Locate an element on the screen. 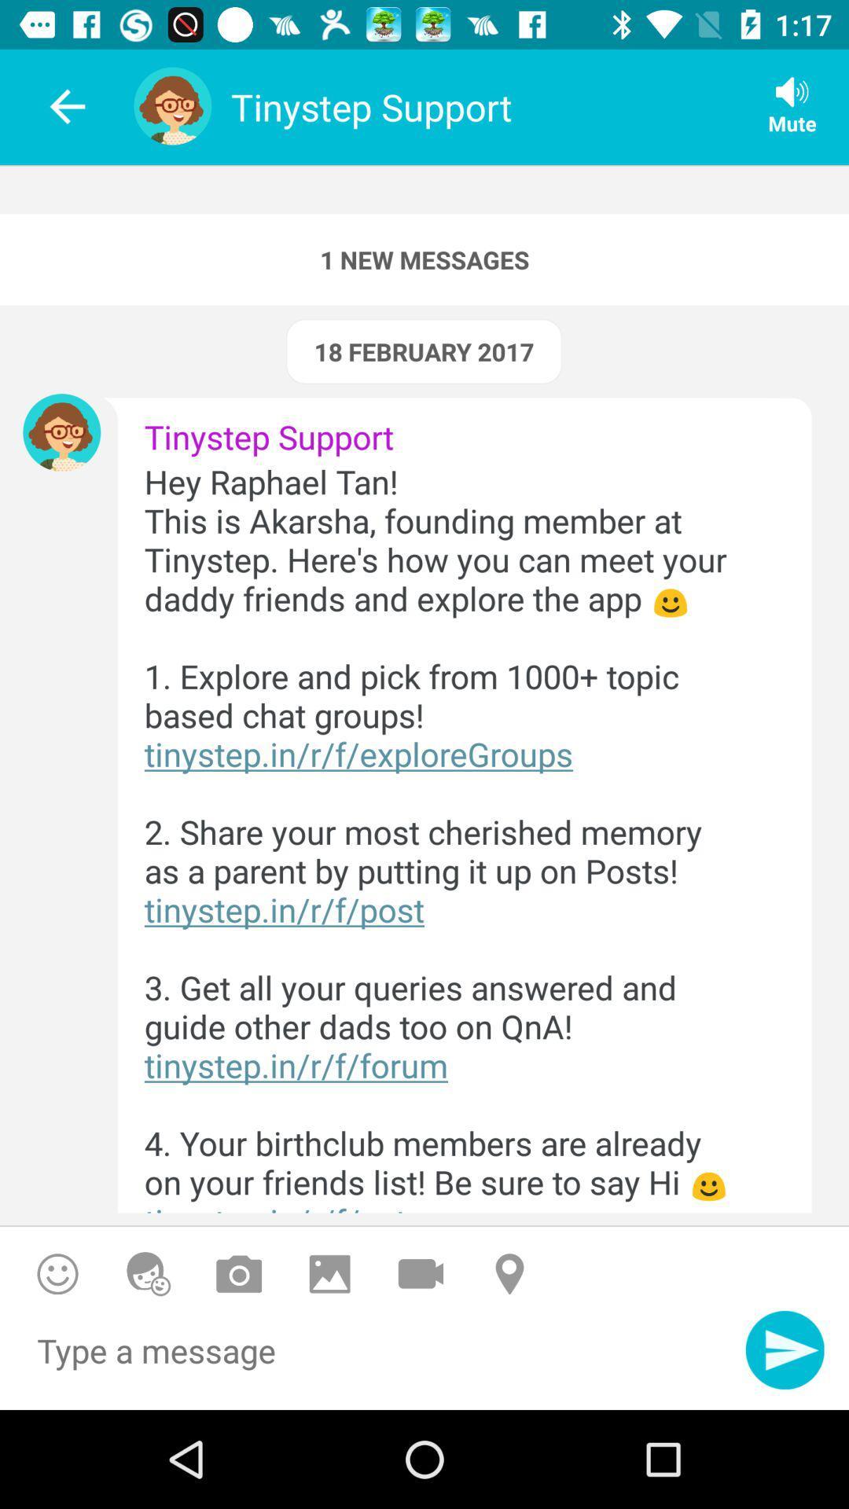 This screenshot has height=1509, width=849. take photo is located at coordinates (239, 1274).